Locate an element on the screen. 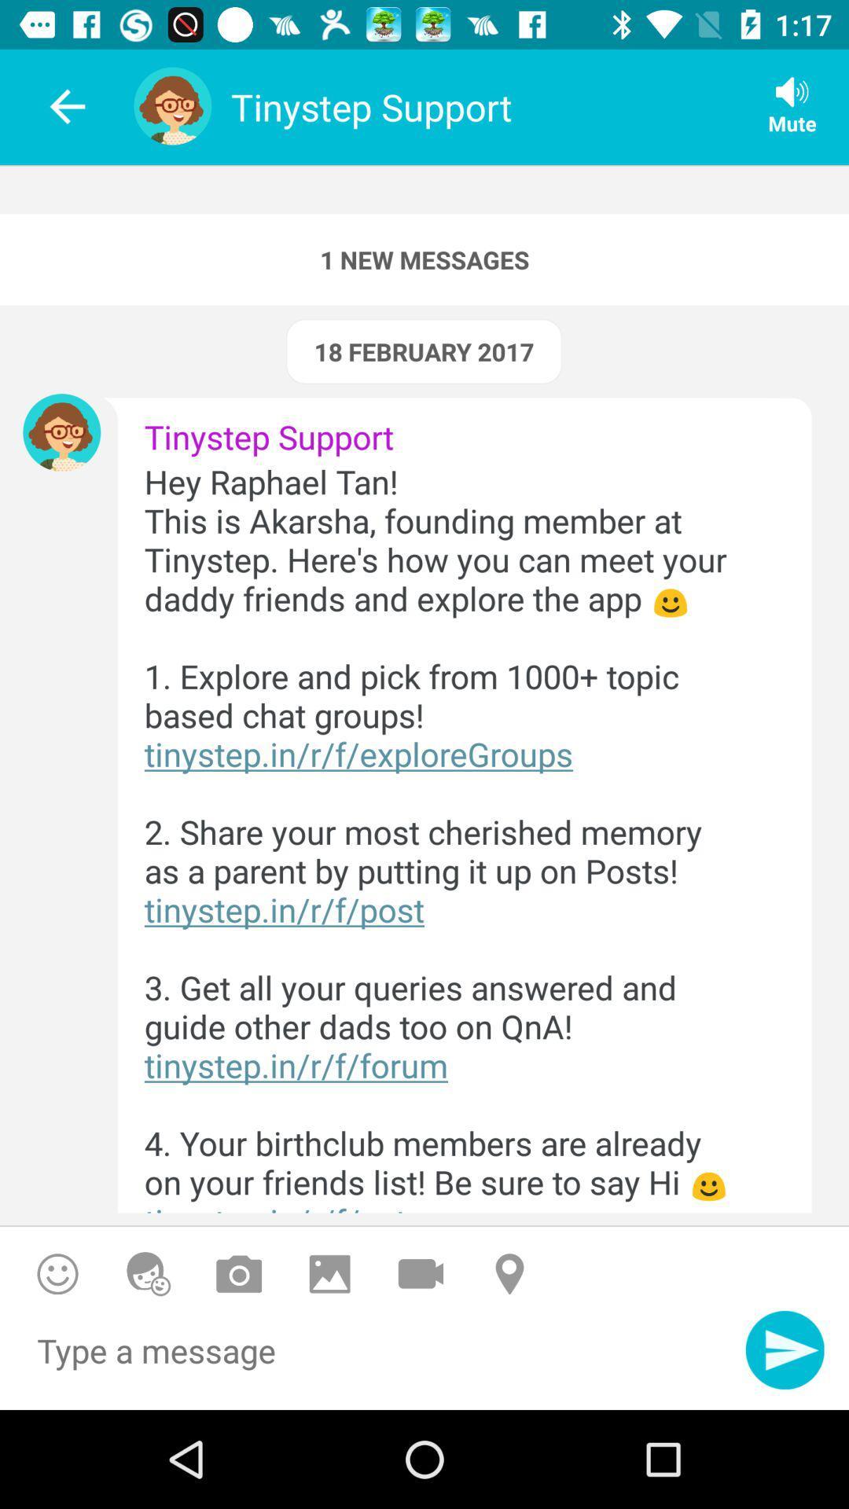 This screenshot has height=1509, width=849. take photo is located at coordinates (239, 1274).